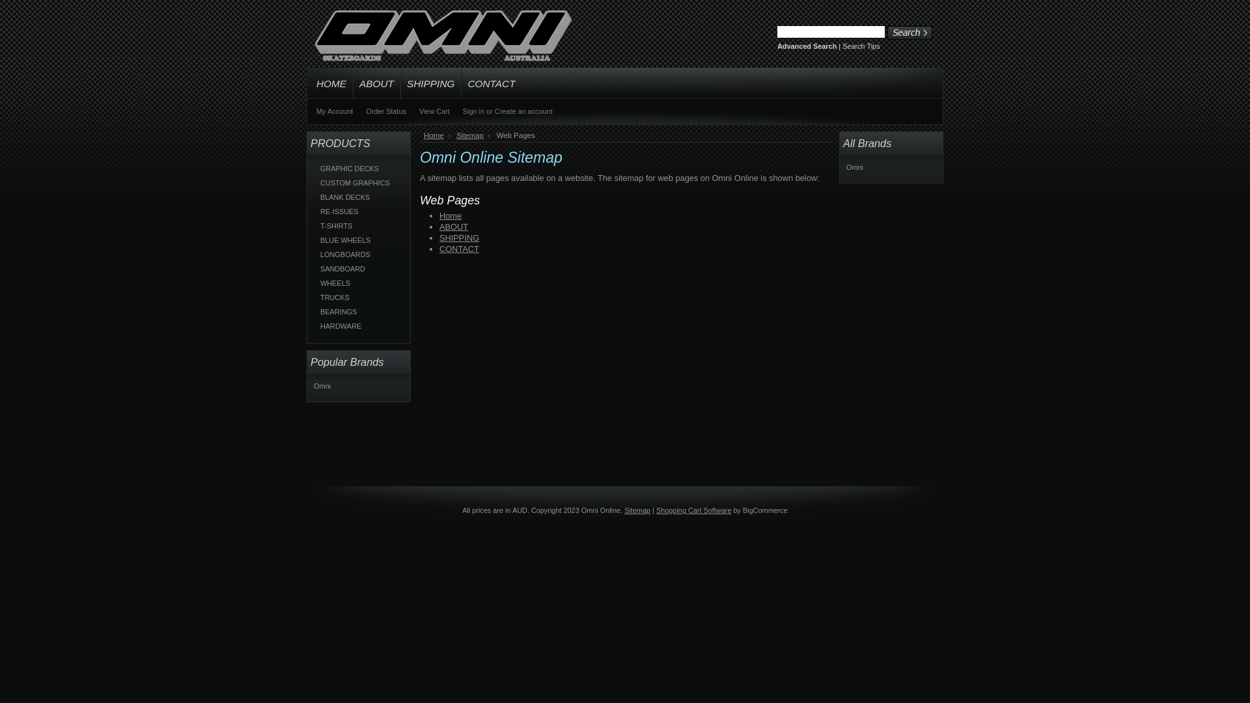 This screenshot has width=1250, height=703. Describe the element at coordinates (855, 167) in the screenshot. I see `'Omni'` at that location.